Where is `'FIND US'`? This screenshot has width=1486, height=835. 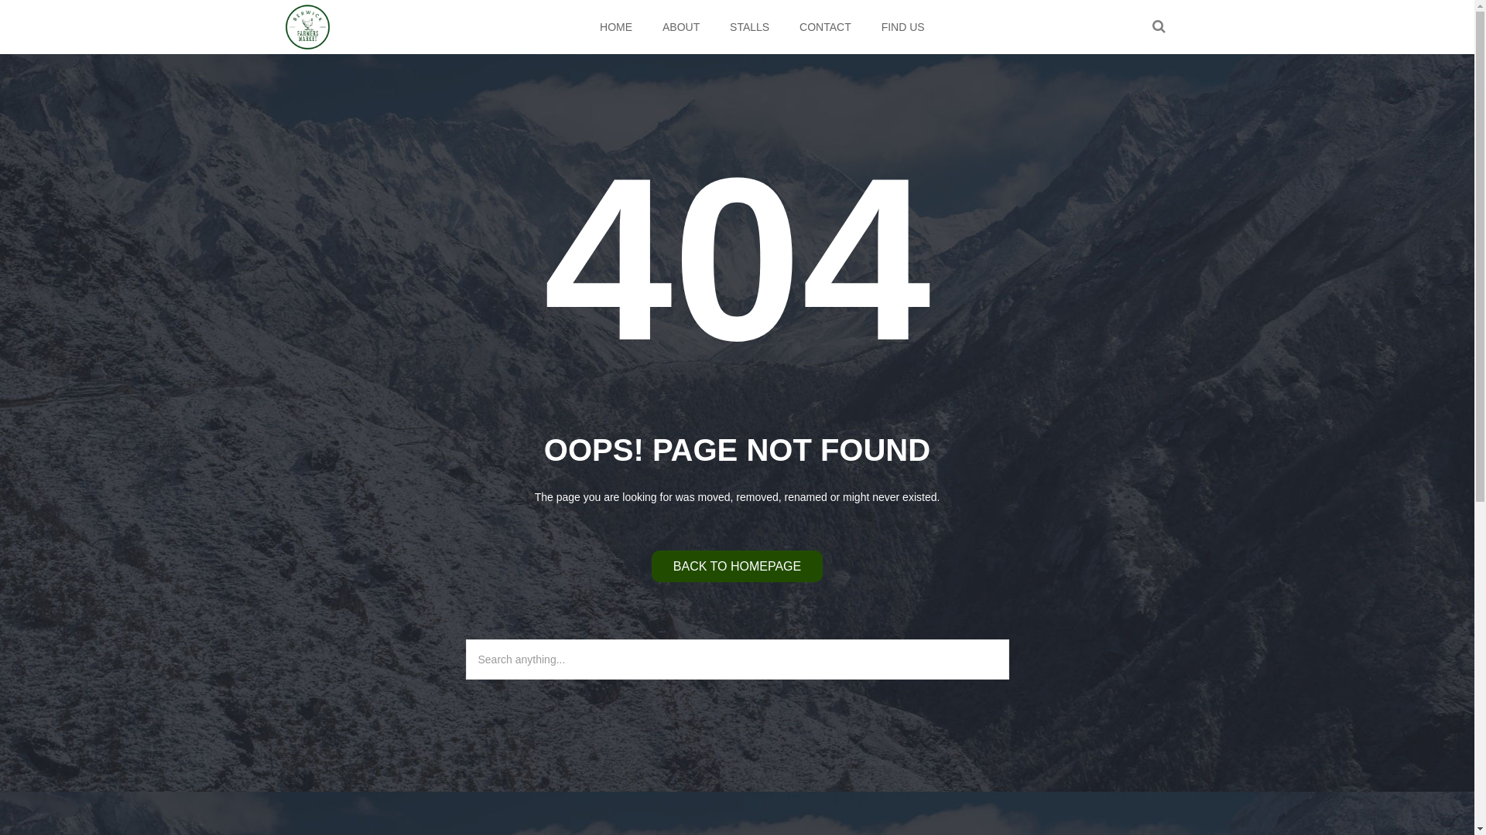 'FIND US' is located at coordinates (868, 26).